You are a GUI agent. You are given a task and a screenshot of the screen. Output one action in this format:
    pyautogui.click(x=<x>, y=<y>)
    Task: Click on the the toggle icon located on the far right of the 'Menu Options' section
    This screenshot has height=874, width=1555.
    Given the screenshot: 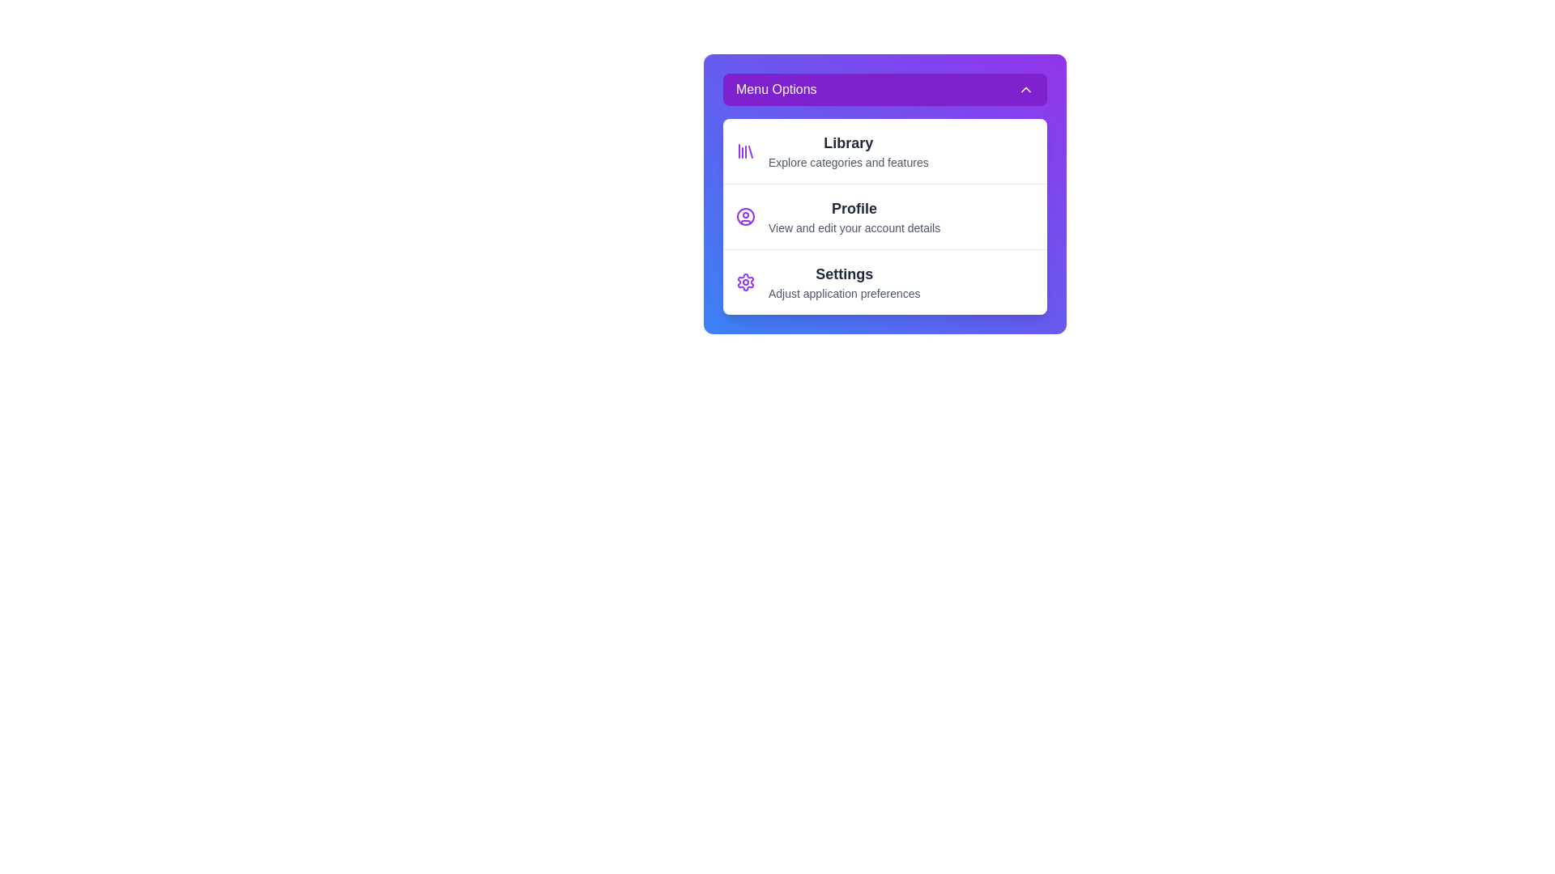 What is the action you would take?
    pyautogui.click(x=1025, y=90)
    